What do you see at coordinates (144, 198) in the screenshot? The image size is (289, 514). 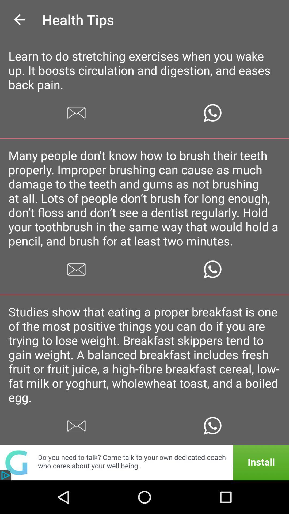 I see `many people don item` at bounding box center [144, 198].